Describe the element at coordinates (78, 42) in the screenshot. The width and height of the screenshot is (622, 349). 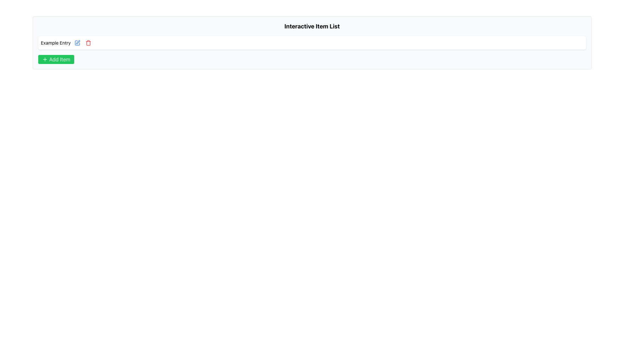
I see `the small pen icon representing the 'edit' action, located to the left of the trash bin icon, associated with the 'Example Entry' text input` at that location.